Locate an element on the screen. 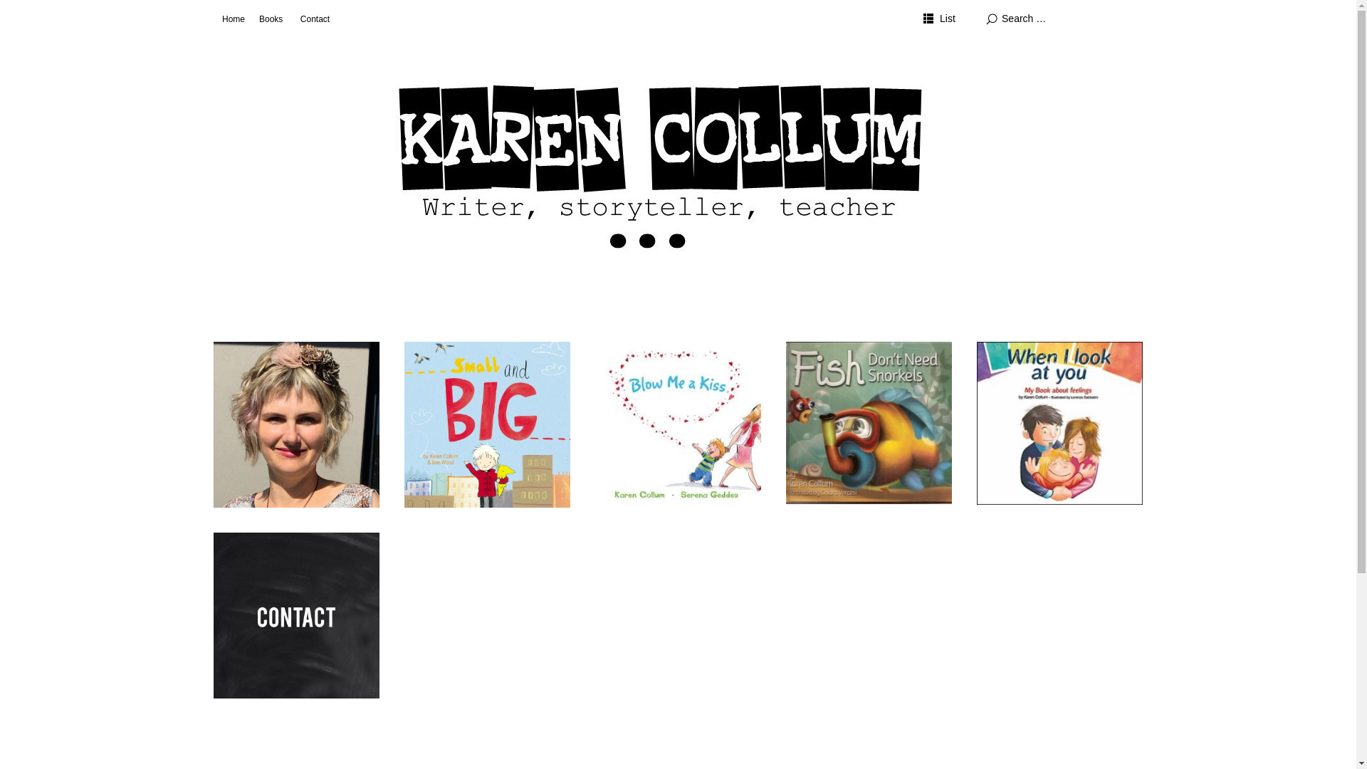  'Home' is located at coordinates (233, 19).